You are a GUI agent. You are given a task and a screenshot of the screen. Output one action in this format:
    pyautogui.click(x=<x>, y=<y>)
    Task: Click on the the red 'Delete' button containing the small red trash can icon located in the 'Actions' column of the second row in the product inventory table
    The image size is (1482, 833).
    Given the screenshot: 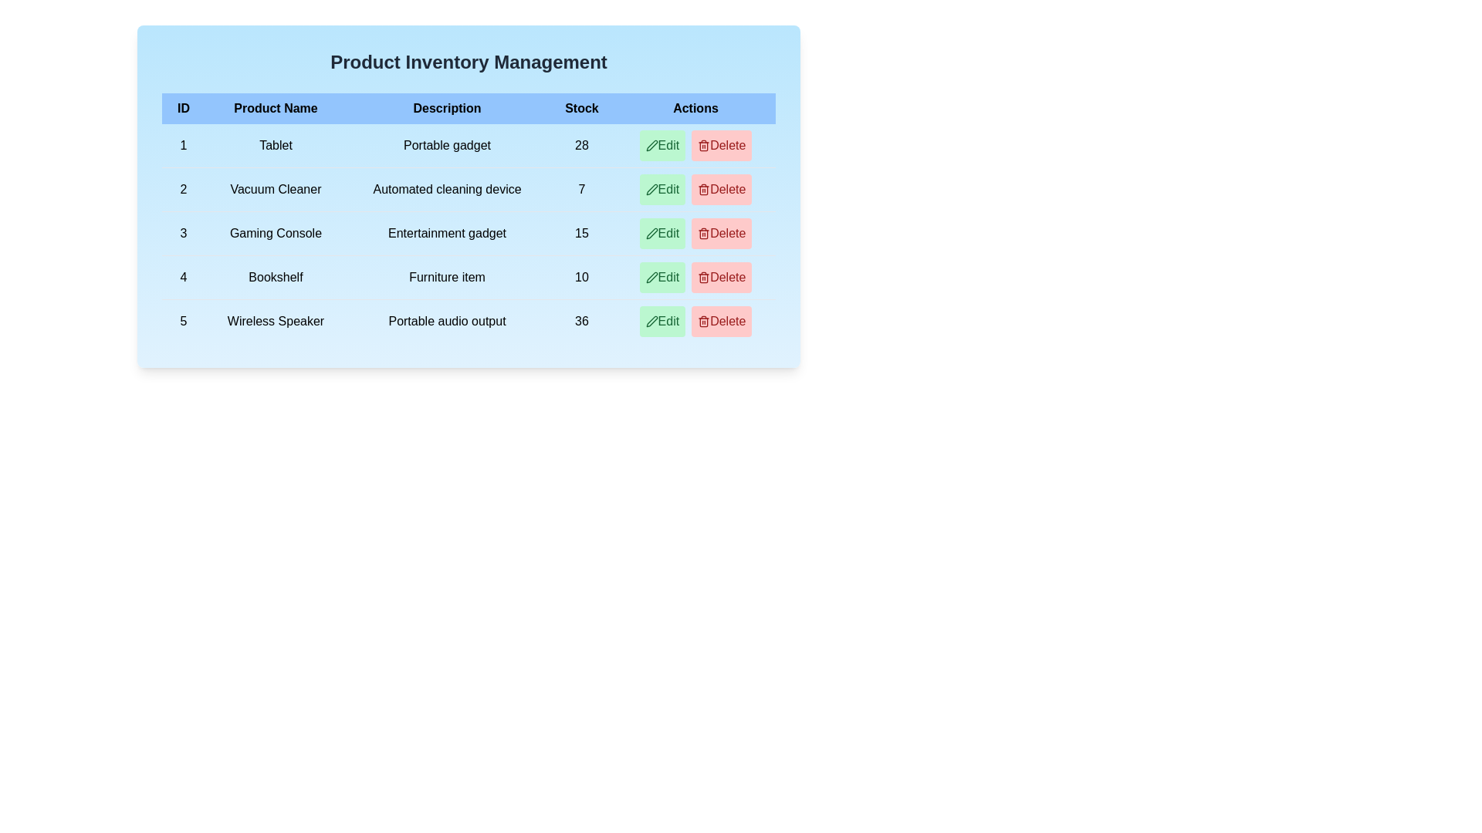 What is the action you would take?
    pyautogui.click(x=703, y=189)
    